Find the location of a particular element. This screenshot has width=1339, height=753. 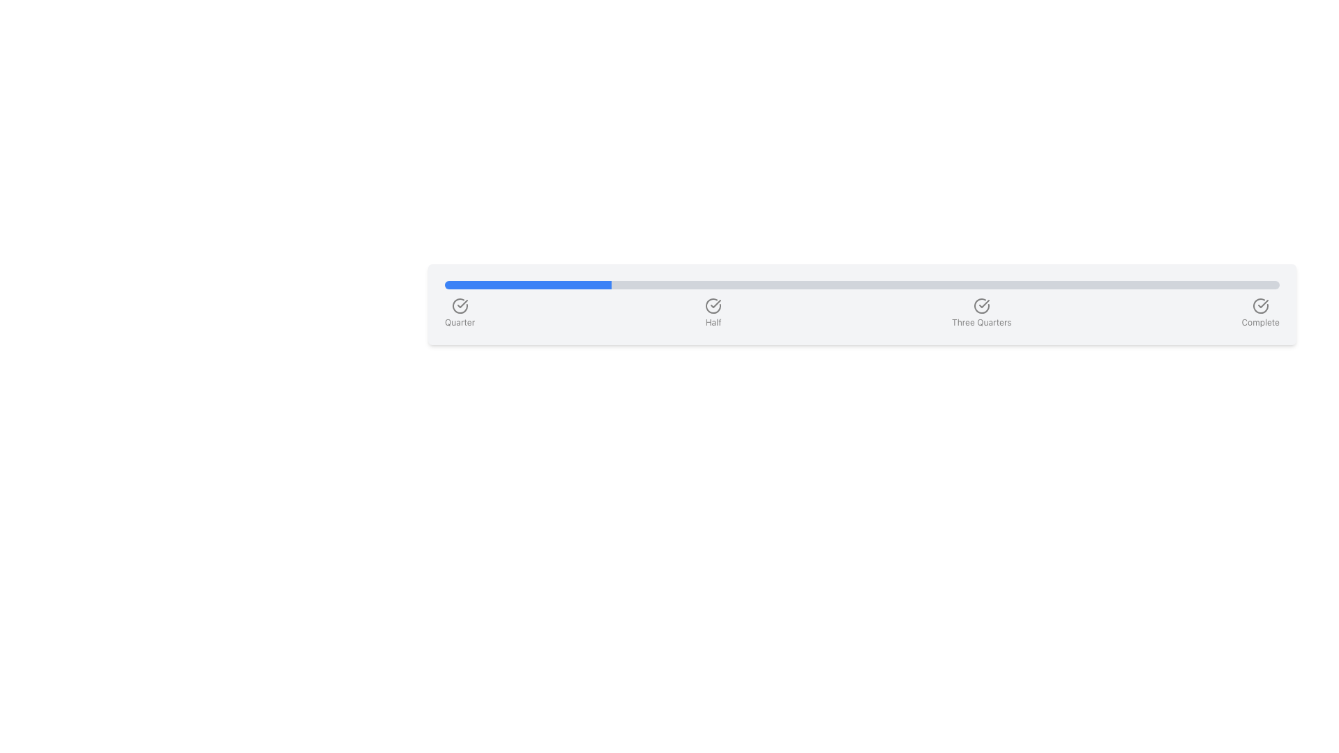

the second icon above the text 'Half' in the horizontal progression indicator to focus or select it is located at coordinates (713, 305).